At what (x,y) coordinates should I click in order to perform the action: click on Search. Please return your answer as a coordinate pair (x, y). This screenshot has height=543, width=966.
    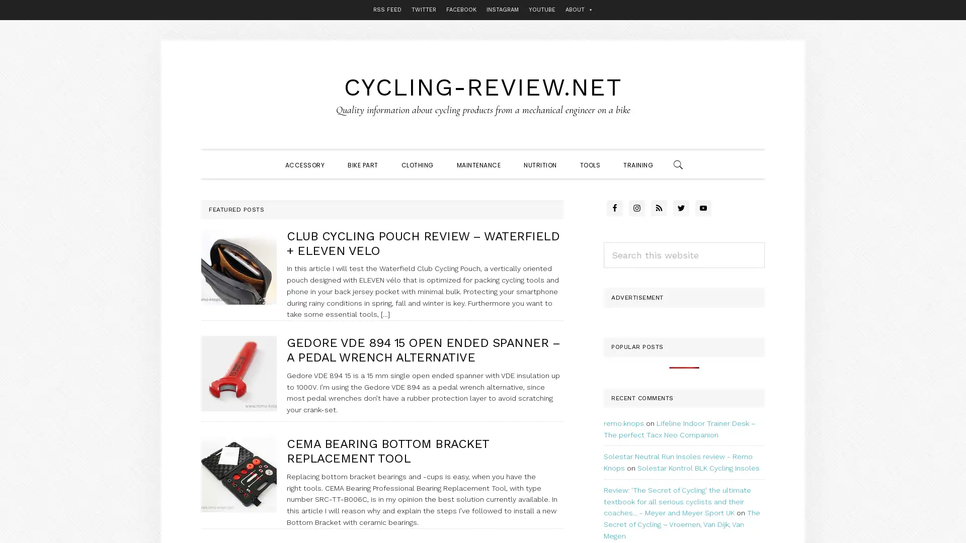
    Looking at the image, I should click on (764, 241).